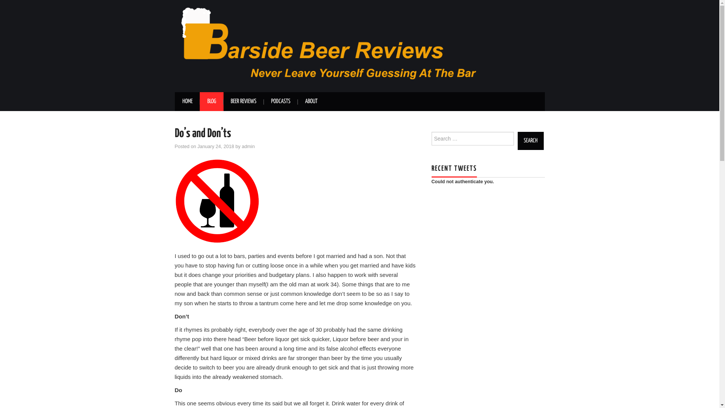  I want to click on 'PODCASTS', so click(280, 101).